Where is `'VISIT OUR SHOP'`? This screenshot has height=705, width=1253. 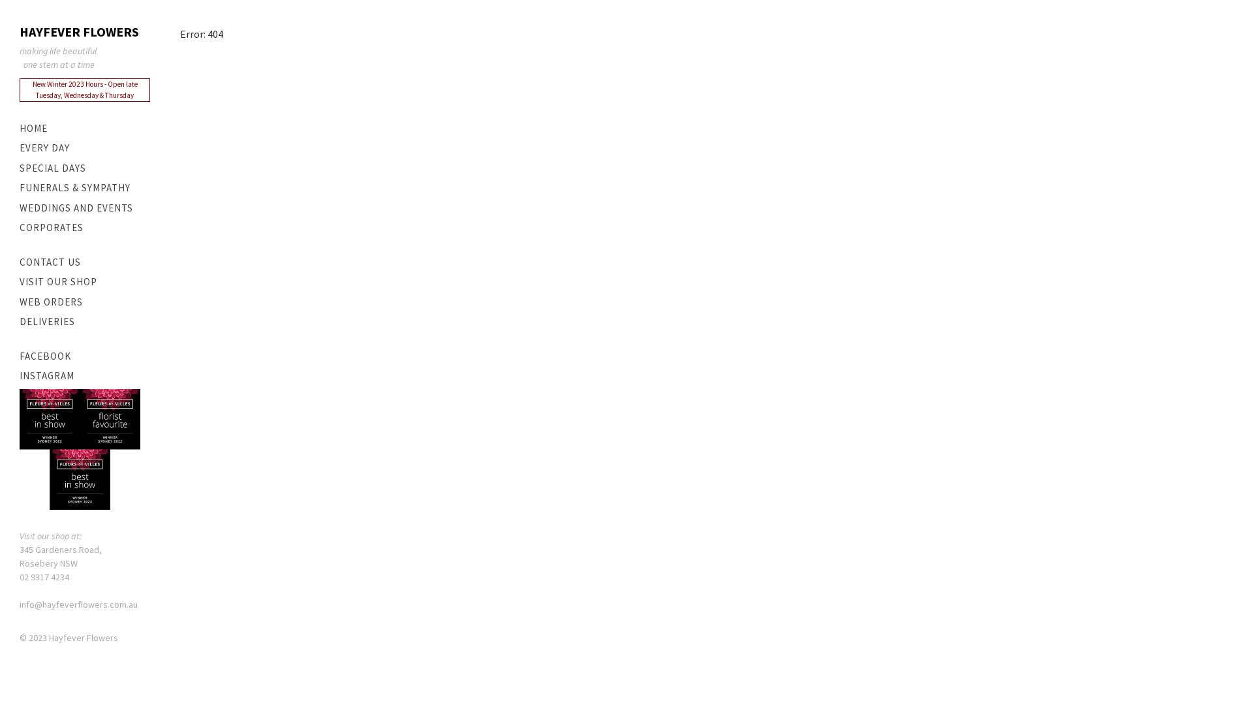
'VISIT OUR SHOP' is located at coordinates (84, 281).